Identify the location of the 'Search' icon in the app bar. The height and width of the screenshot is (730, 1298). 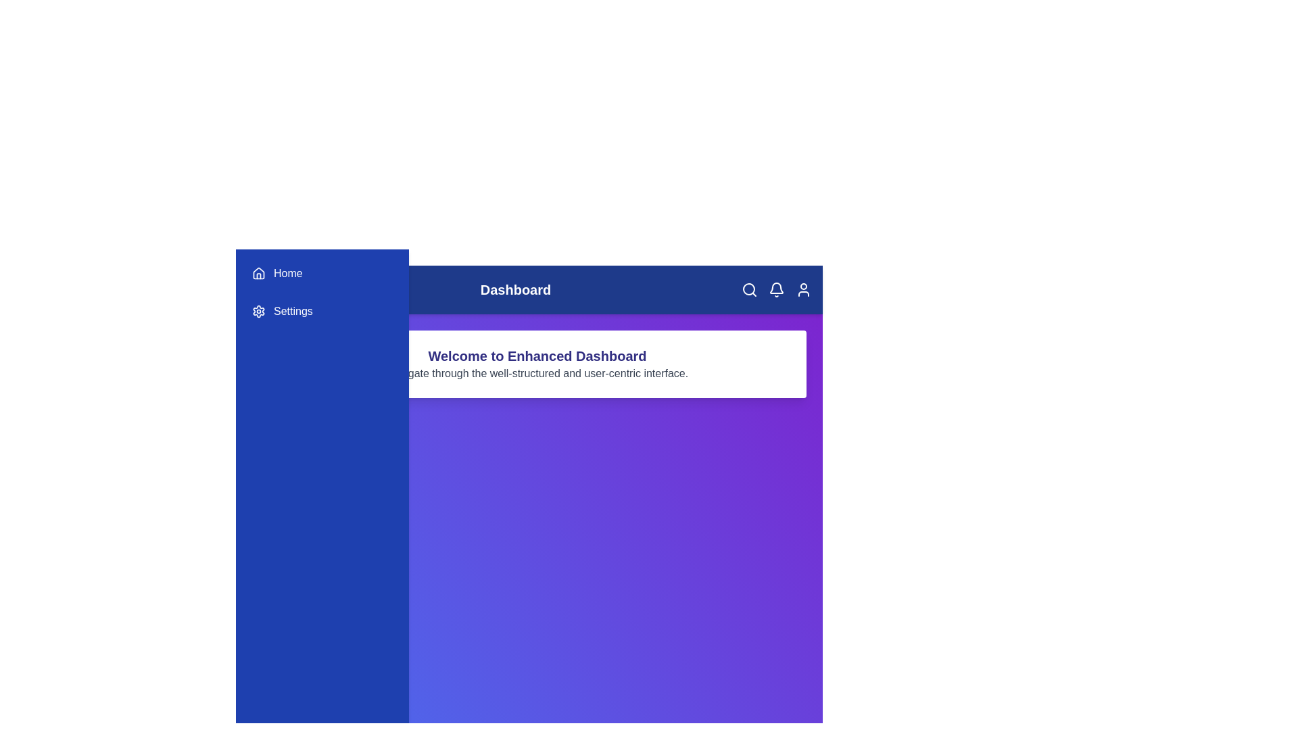
(748, 289).